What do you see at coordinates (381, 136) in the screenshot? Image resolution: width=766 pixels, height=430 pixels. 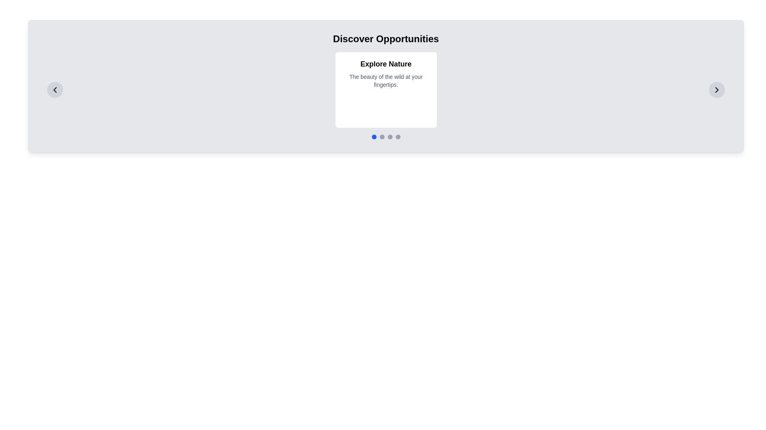 I see `the second circular button from the left in the group of four buttons below the 'Discover Opportunities' section and 'Explore Nature' card for interaction` at bounding box center [381, 136].